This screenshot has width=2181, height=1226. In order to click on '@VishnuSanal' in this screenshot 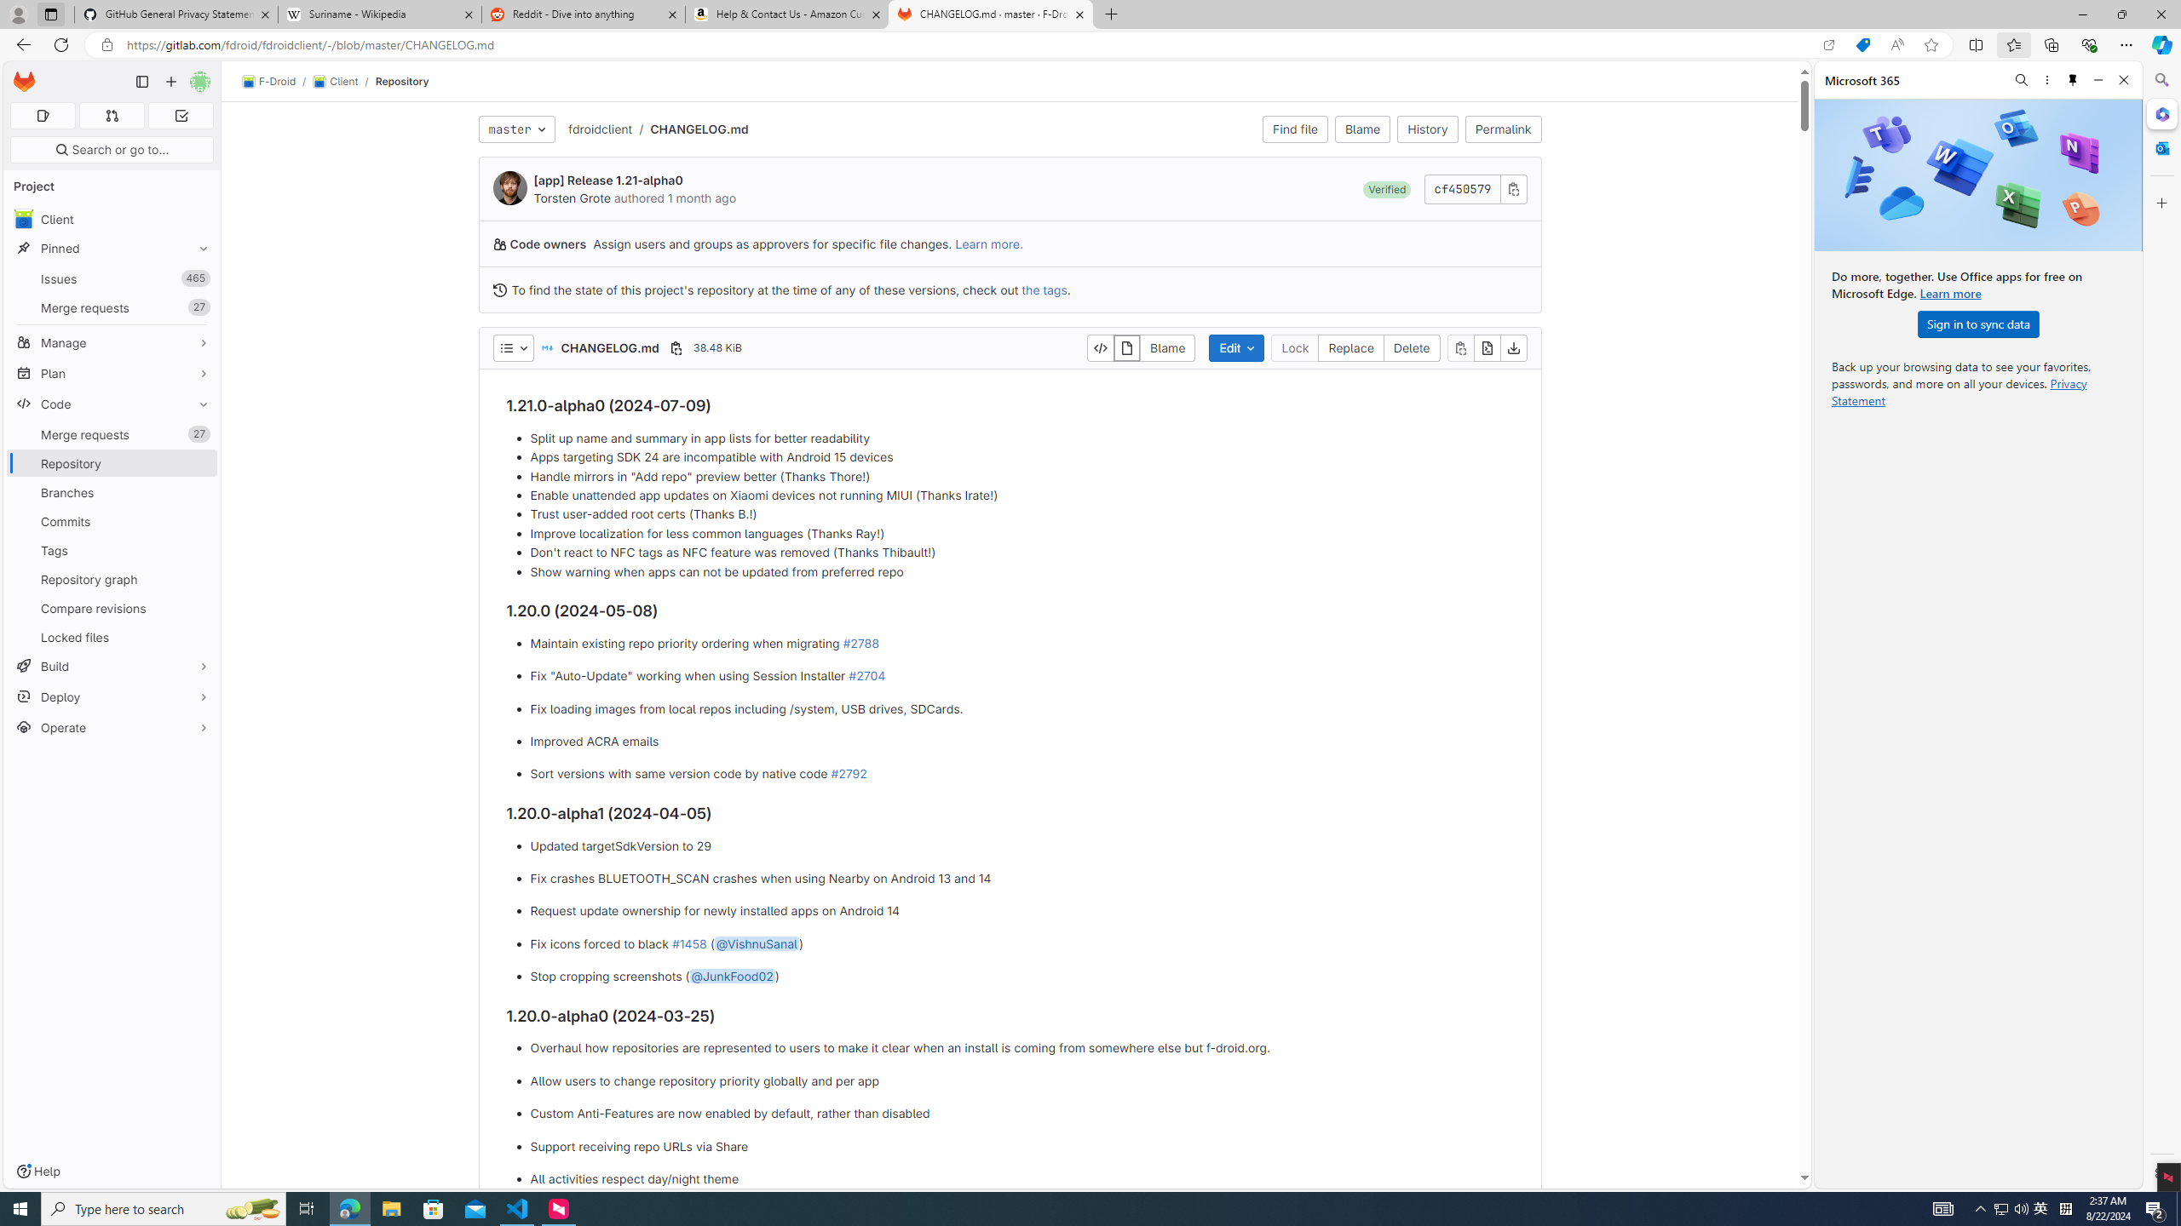, I will do `click(755, 942)`.